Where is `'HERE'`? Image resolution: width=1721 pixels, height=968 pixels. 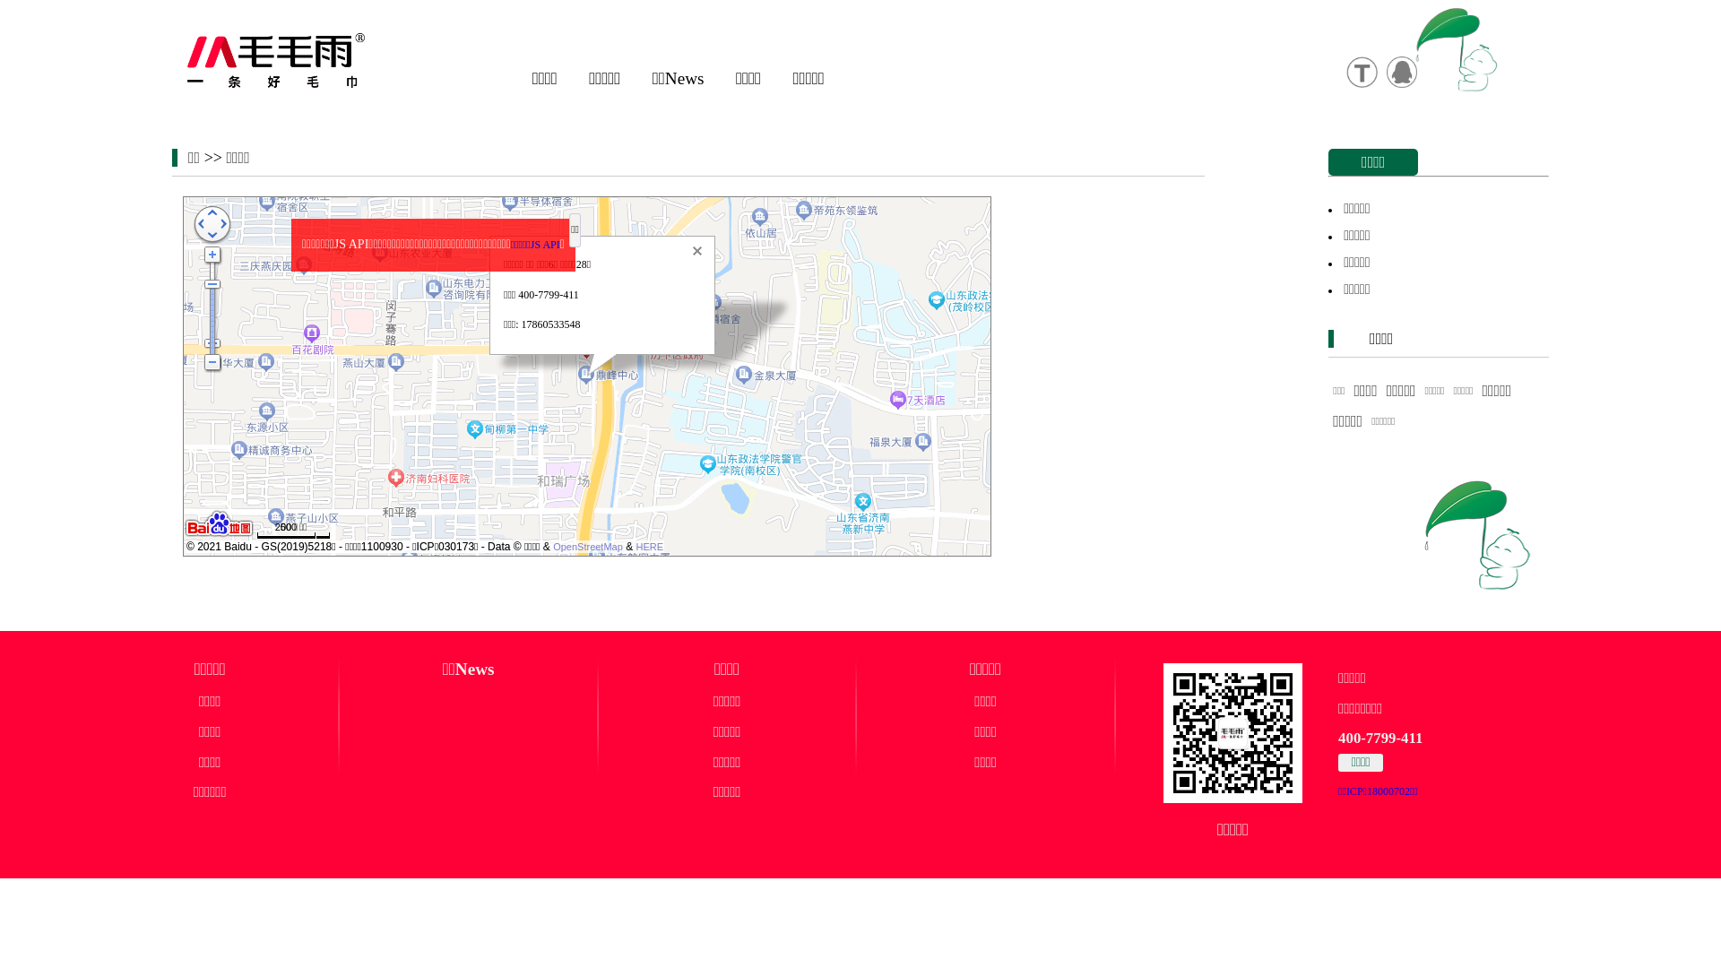
'HERE' is located at coordinates (649, 545).